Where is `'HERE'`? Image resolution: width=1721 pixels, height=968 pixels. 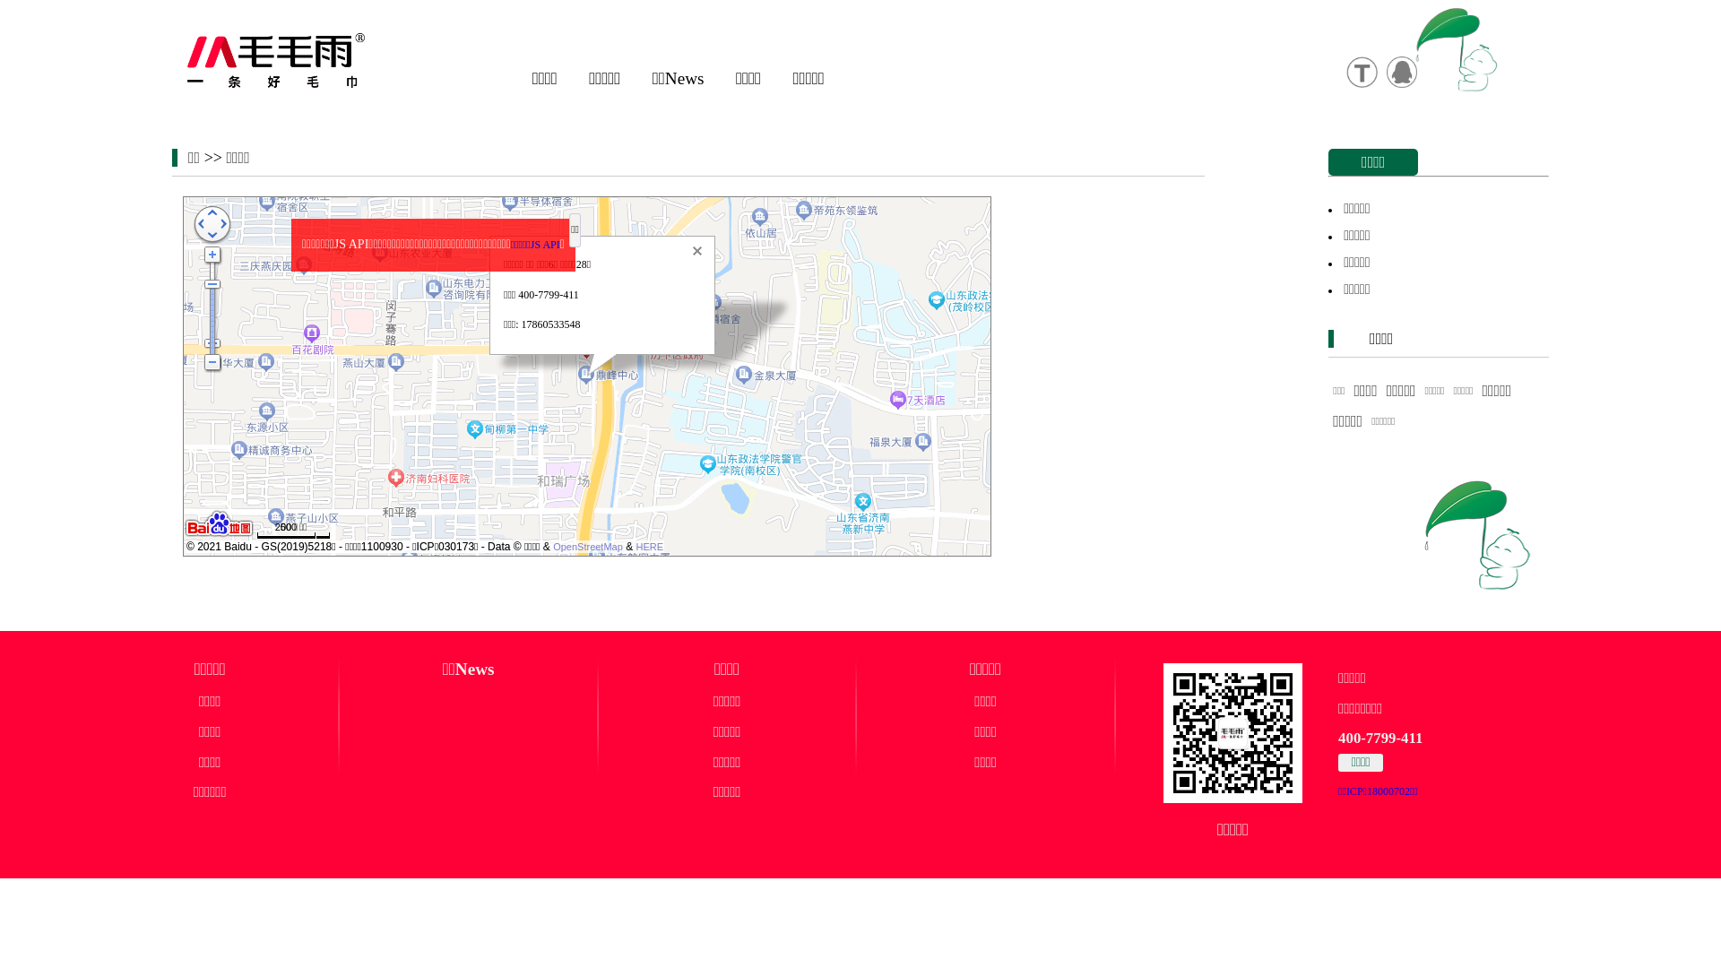
'HERE' is located at coordinates (649, 545).